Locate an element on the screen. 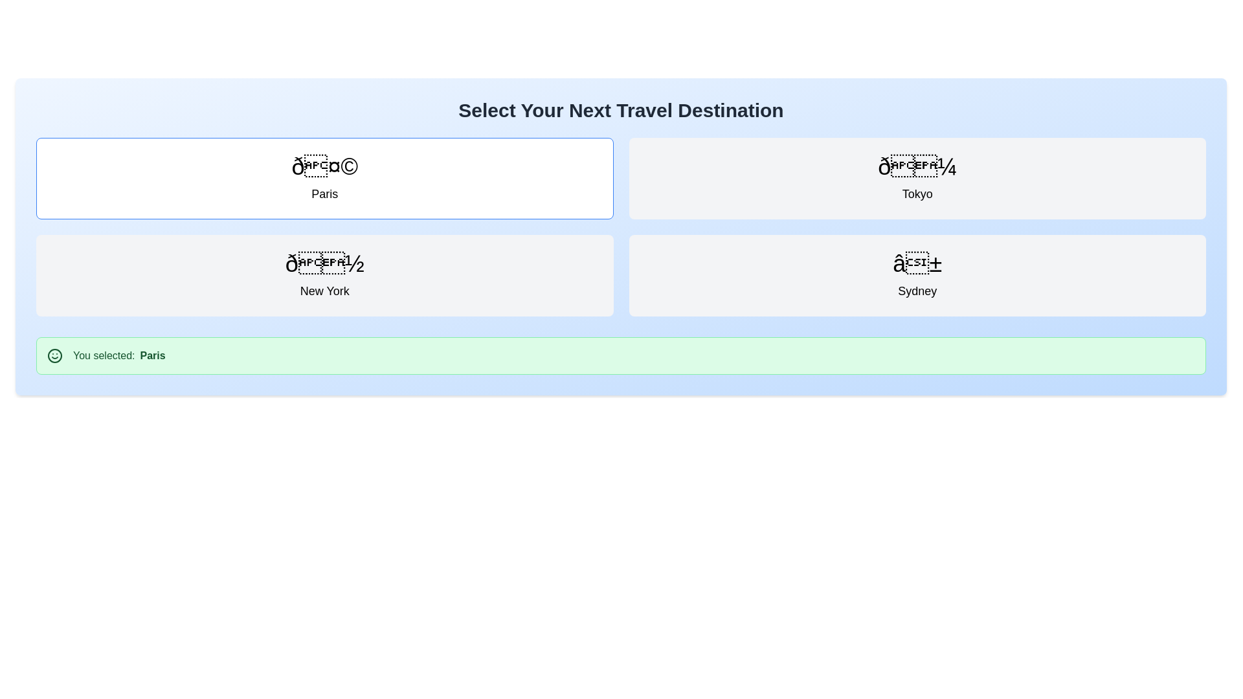 The height and width of the screenshot is (699, 1243). the second selectable card in the top row, which has a light gray background and the label 'Tokyo' is located at coordinates (917, 179).